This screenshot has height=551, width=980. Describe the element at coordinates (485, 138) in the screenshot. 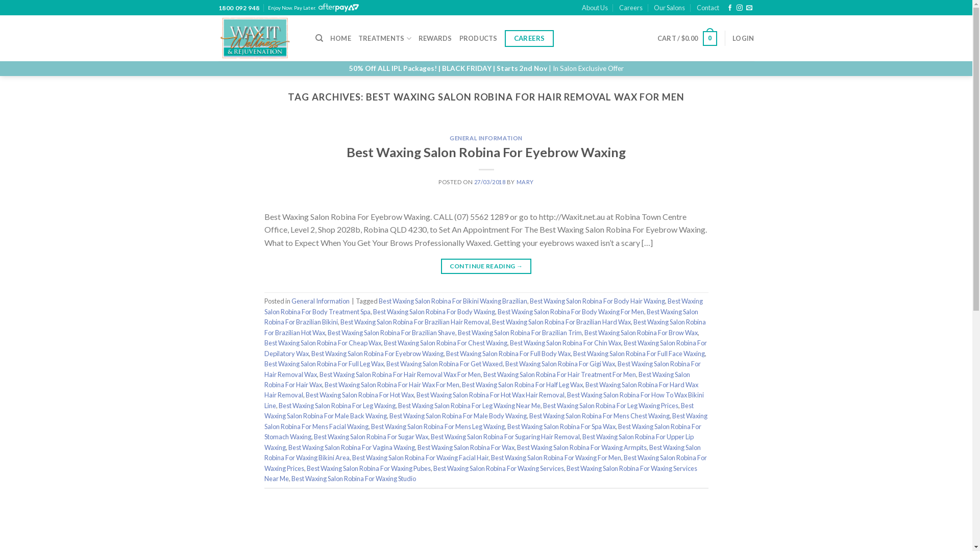

I see `'GENERAL INFORMATION'` at that location.